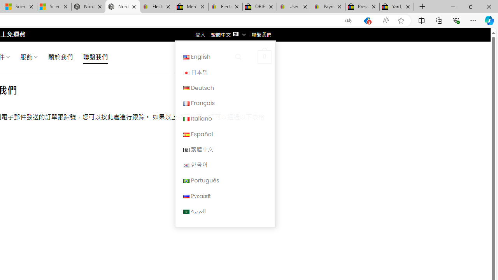 Image resolution: width=498 pixels, height=280 pixels. What do you see at coordinates (224, 87) in the screenshot?
I see `' Deutsch'` at bounding box center [224, 87].